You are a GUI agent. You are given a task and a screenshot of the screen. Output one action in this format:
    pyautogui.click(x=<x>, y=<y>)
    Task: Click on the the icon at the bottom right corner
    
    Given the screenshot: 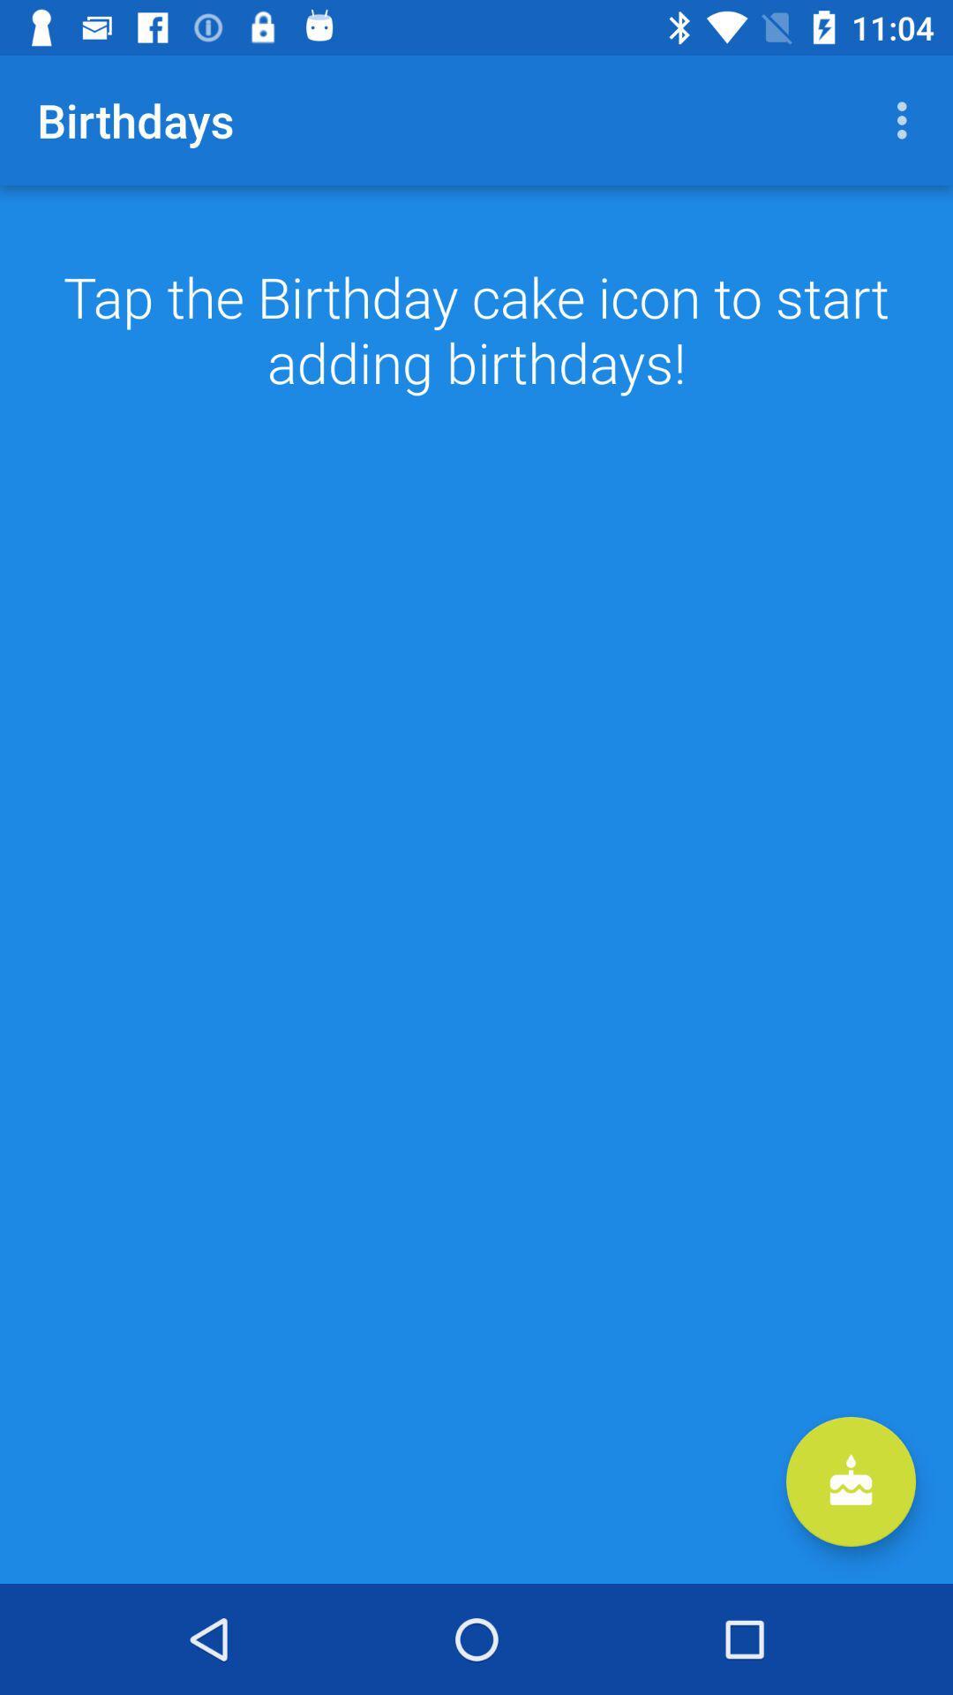 What is the action you would take?
    pyautogui.click(x=850, y=1481)
    